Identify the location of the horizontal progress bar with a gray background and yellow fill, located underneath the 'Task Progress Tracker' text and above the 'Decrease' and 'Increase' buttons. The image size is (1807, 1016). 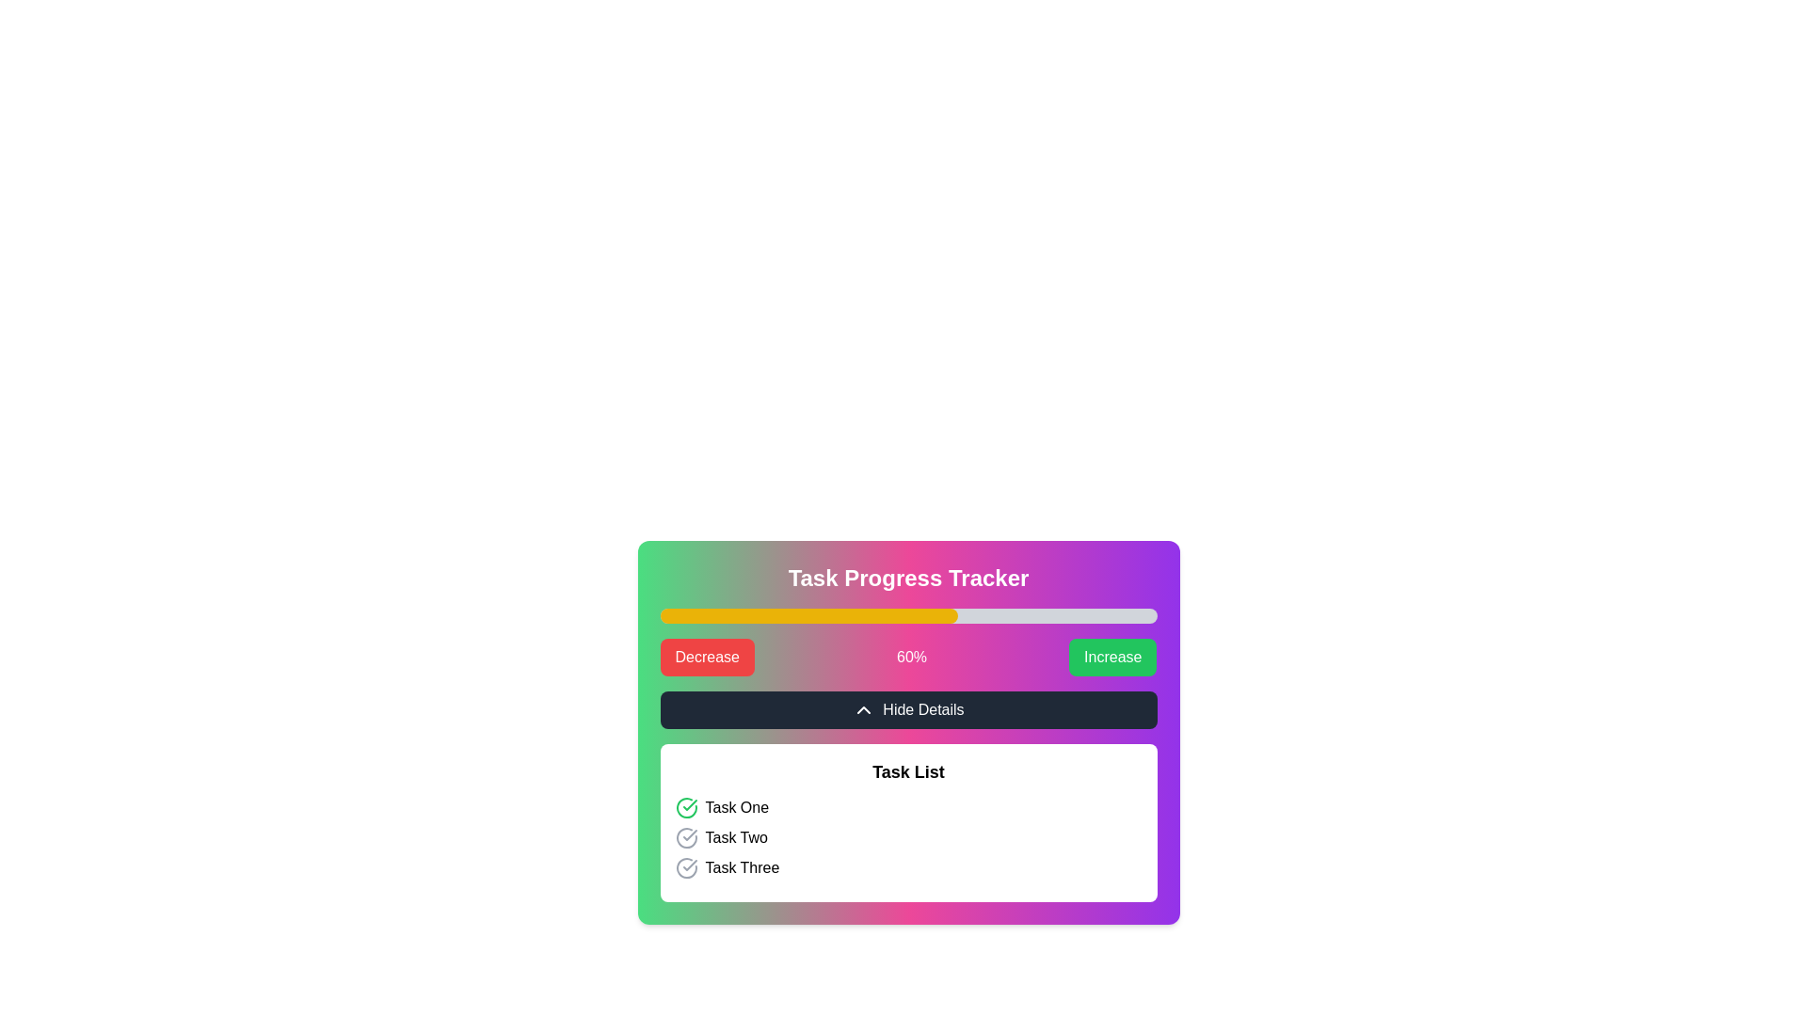
(908, 616).